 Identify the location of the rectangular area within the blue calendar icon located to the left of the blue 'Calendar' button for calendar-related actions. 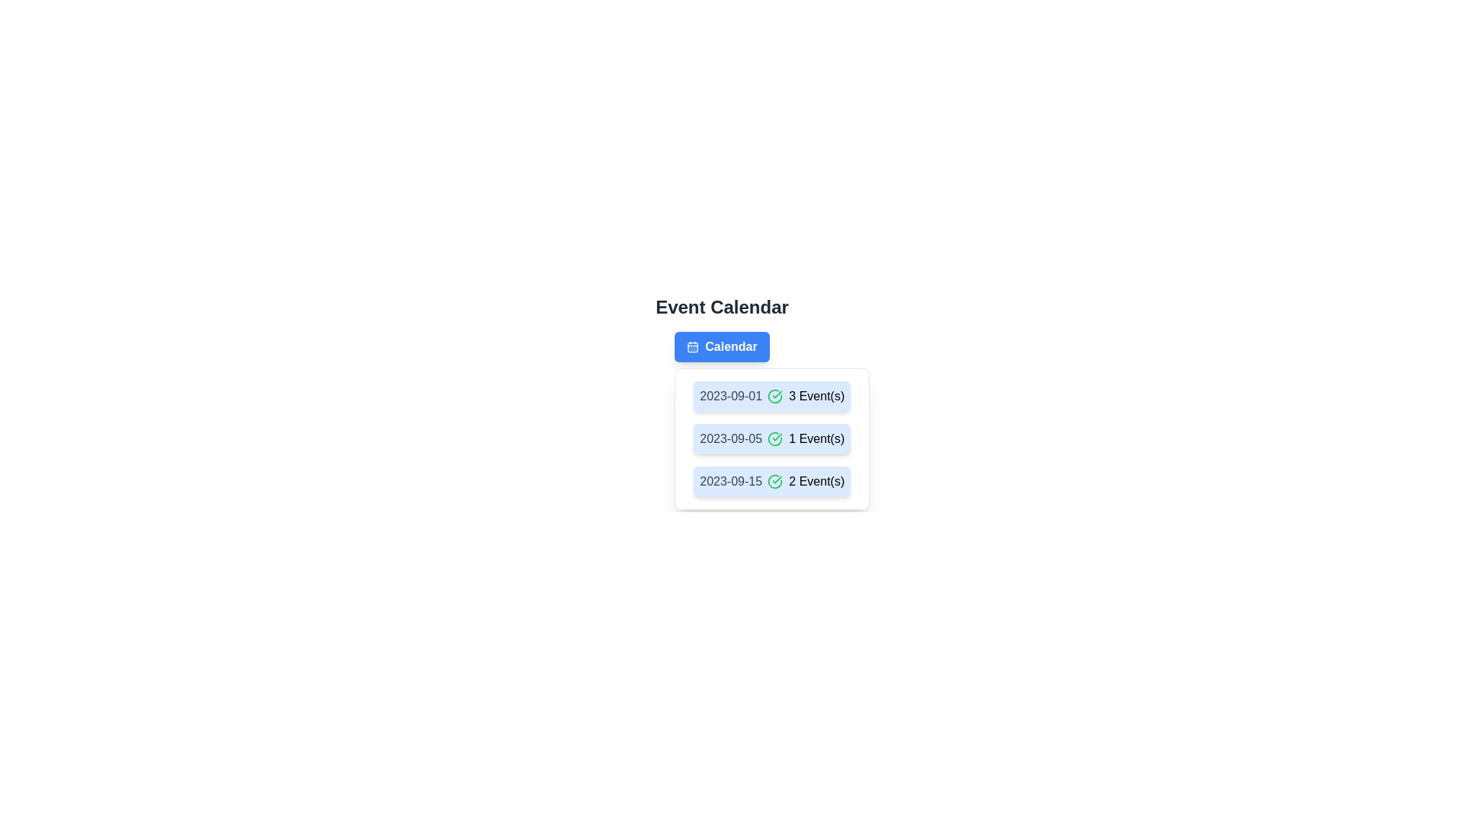
(692, 347).